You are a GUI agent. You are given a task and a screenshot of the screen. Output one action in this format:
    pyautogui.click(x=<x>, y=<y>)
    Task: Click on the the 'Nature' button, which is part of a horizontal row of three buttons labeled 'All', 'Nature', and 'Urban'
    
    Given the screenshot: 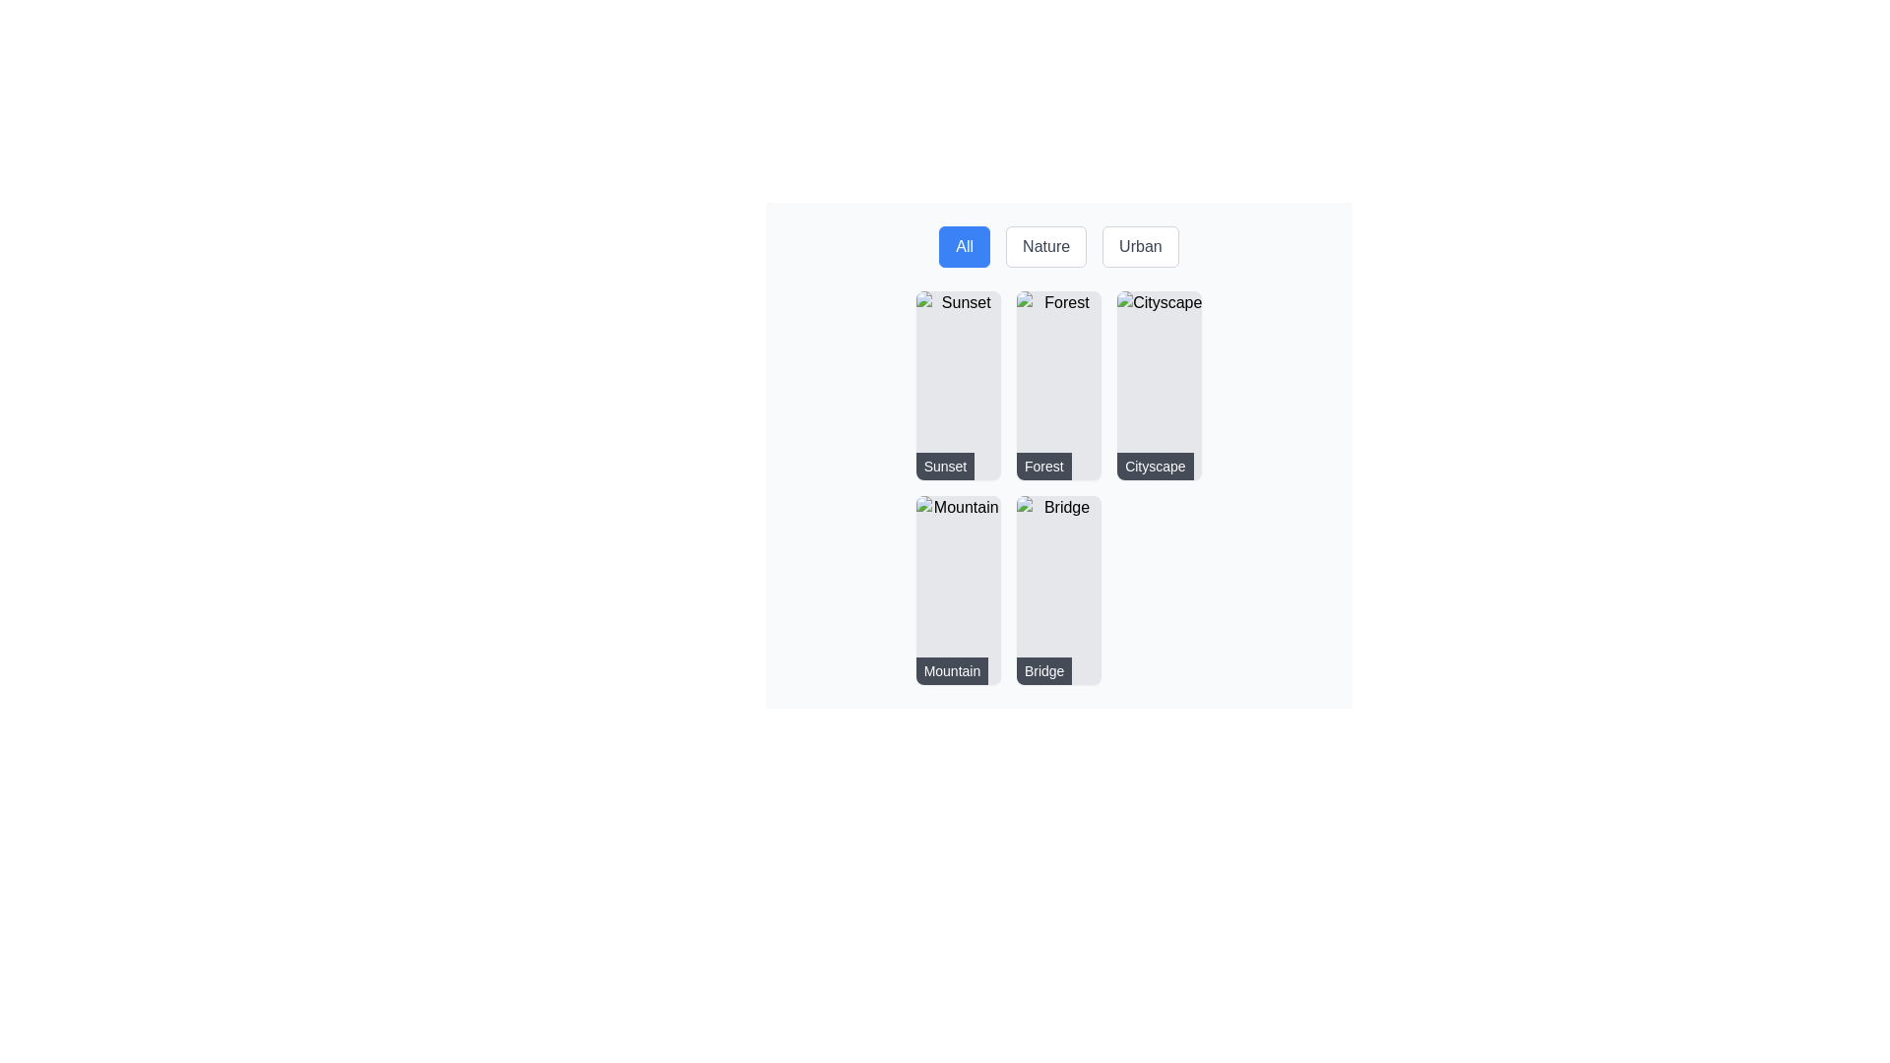 What is the action you would take?
    pyautogui.click(x=1057, y=245)
    